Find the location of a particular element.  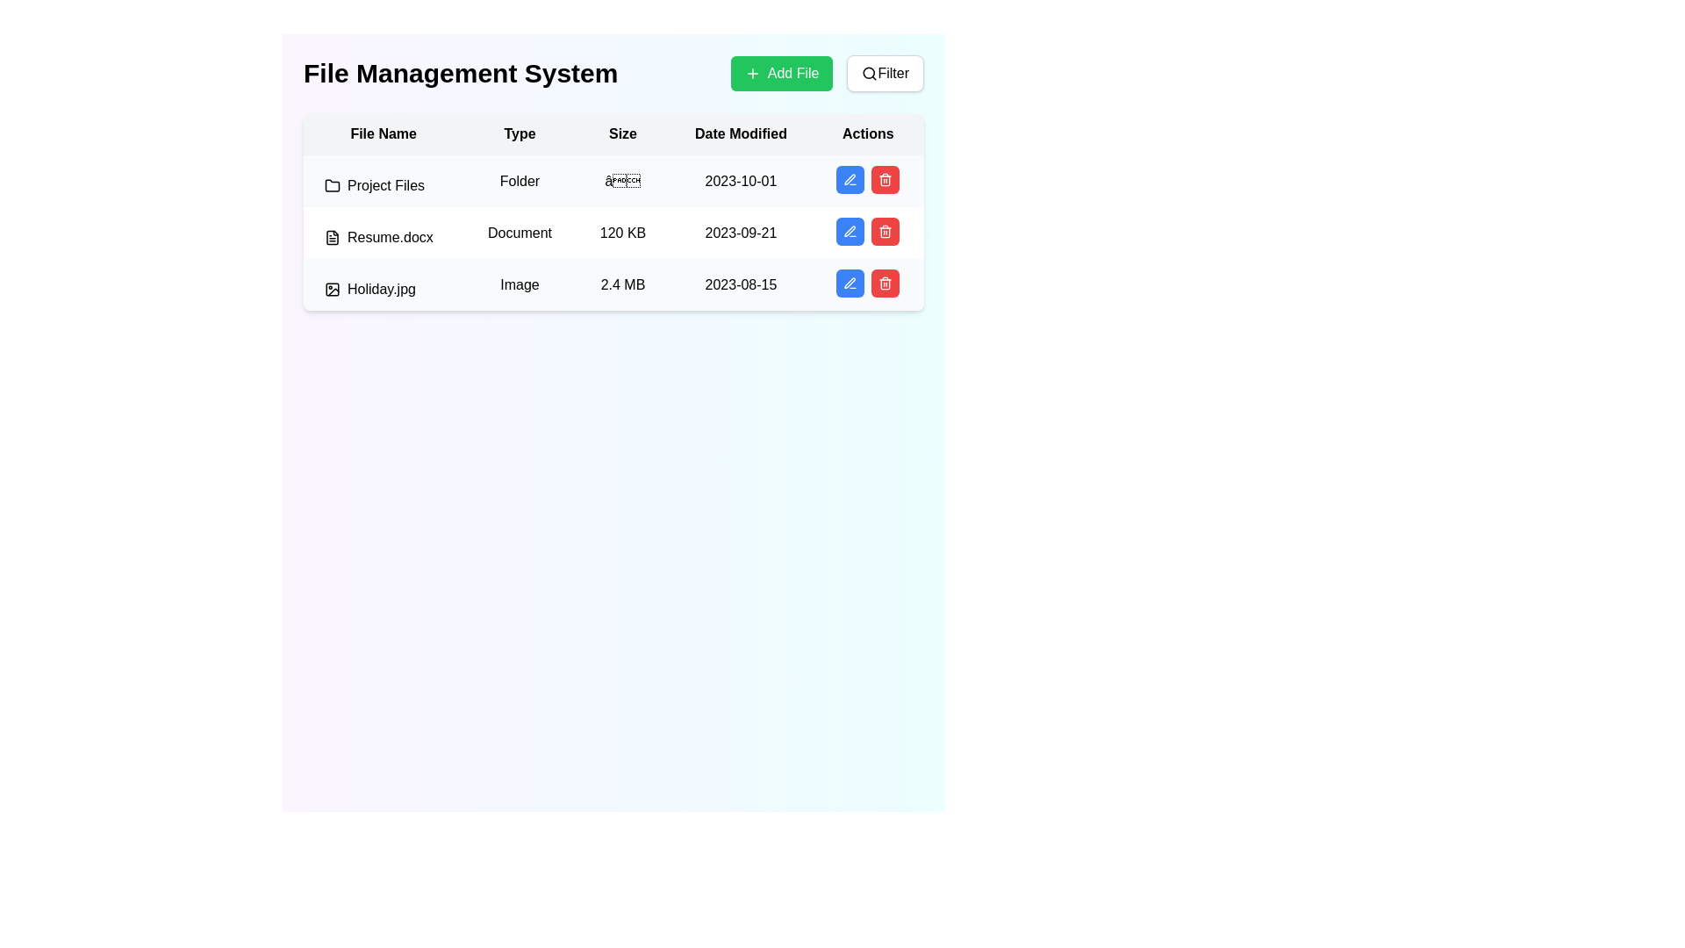

the 'Date Modified' text label indicating the modification date for the associated 'Project Files', which is located in the fourth column of the first row of the table is located at coordinates (741, 181).